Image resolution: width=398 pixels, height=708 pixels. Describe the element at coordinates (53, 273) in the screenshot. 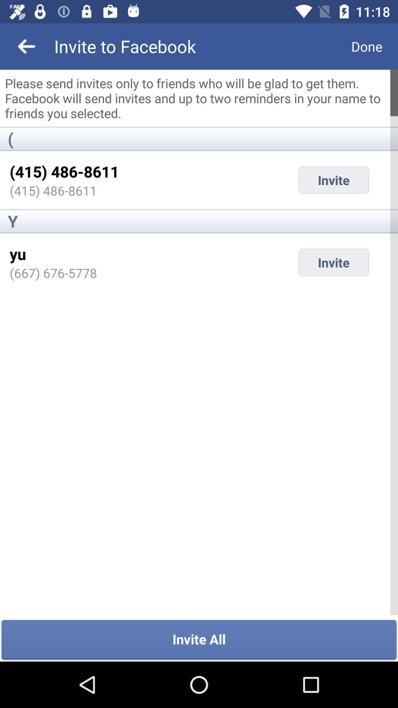

I see `item to the left of the invite icon` at that location.